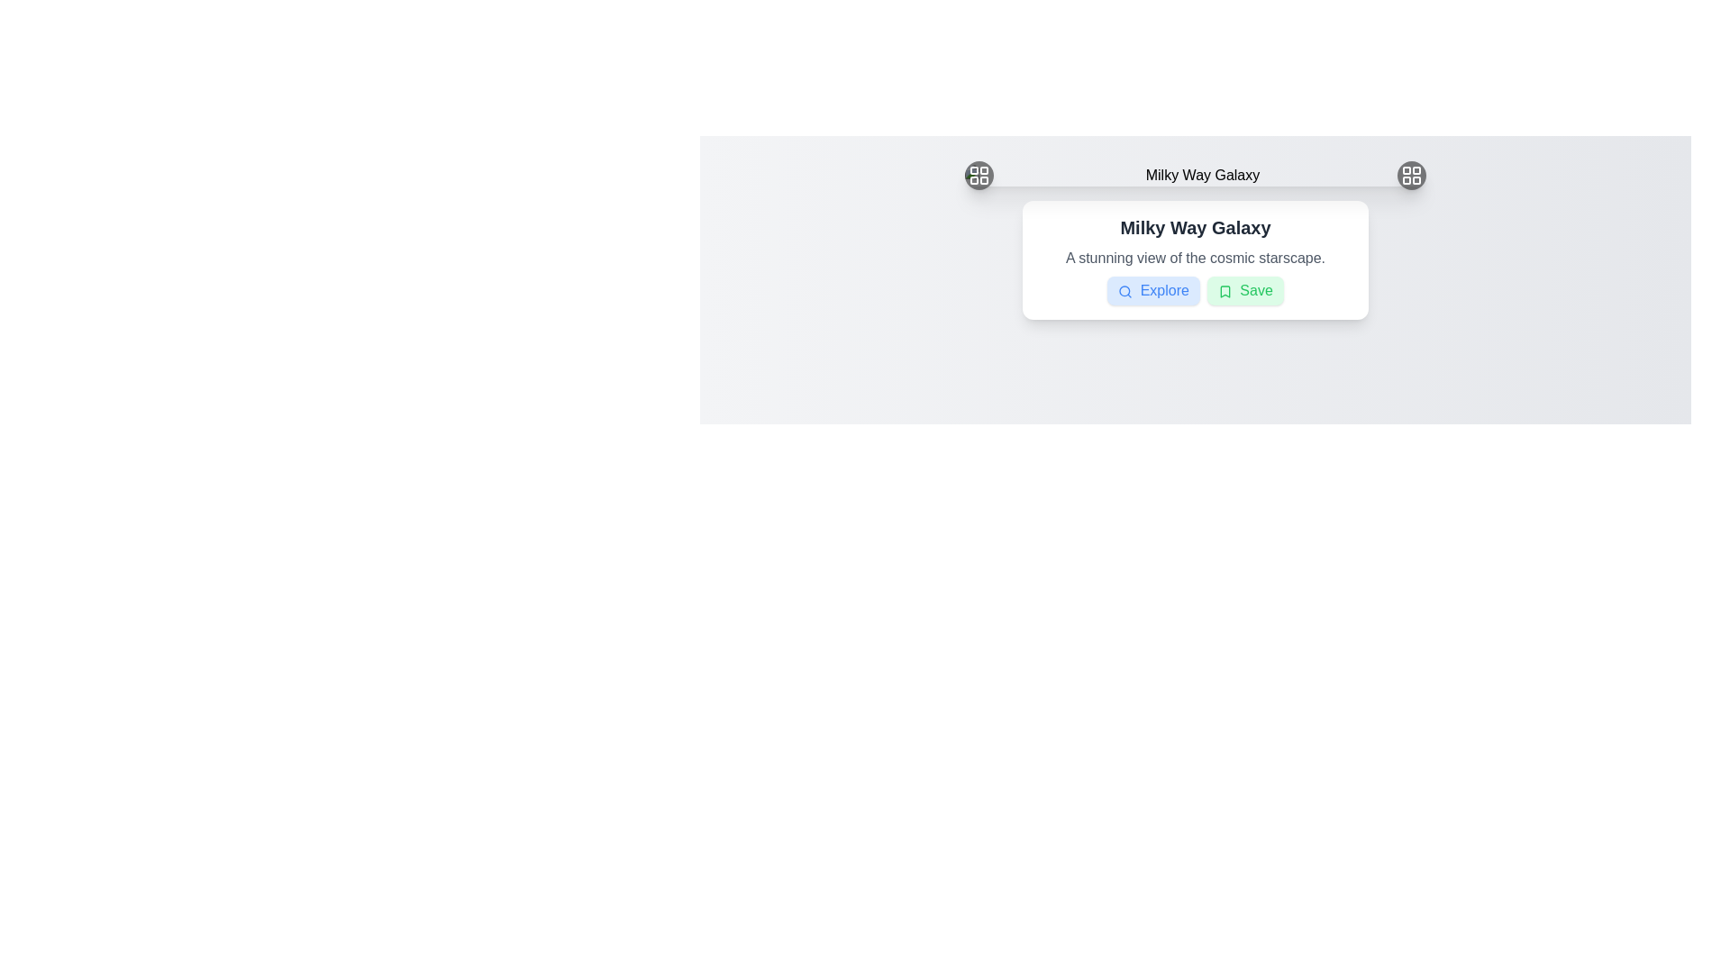  What do you see at coordinates (1195, 258) in the screenshot?
I see `the text snippet that reads 'A stunning view of the cosmic starscape.', which is styled in gray and positioned below the title 'Milky Way Galaxy'` at bounding box center [1195, 258].